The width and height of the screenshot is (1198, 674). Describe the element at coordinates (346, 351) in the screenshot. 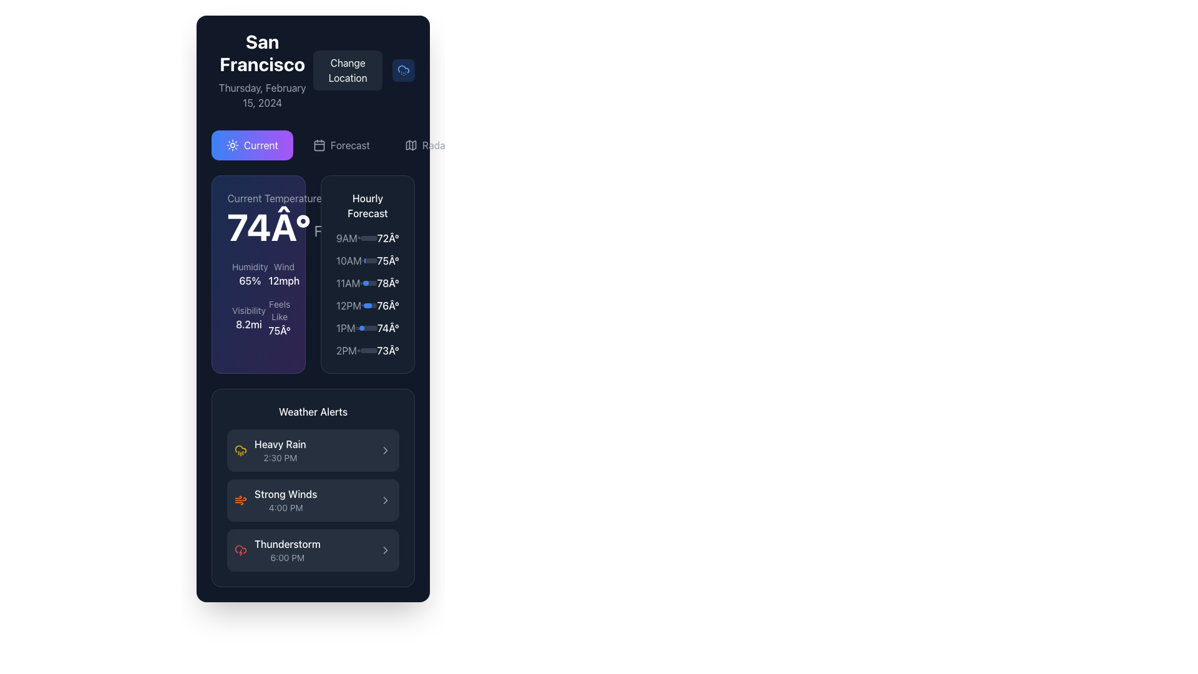

I see `the '2PM' text label in the hourly weather forecast section by moving the cursor to its center point` at that location.